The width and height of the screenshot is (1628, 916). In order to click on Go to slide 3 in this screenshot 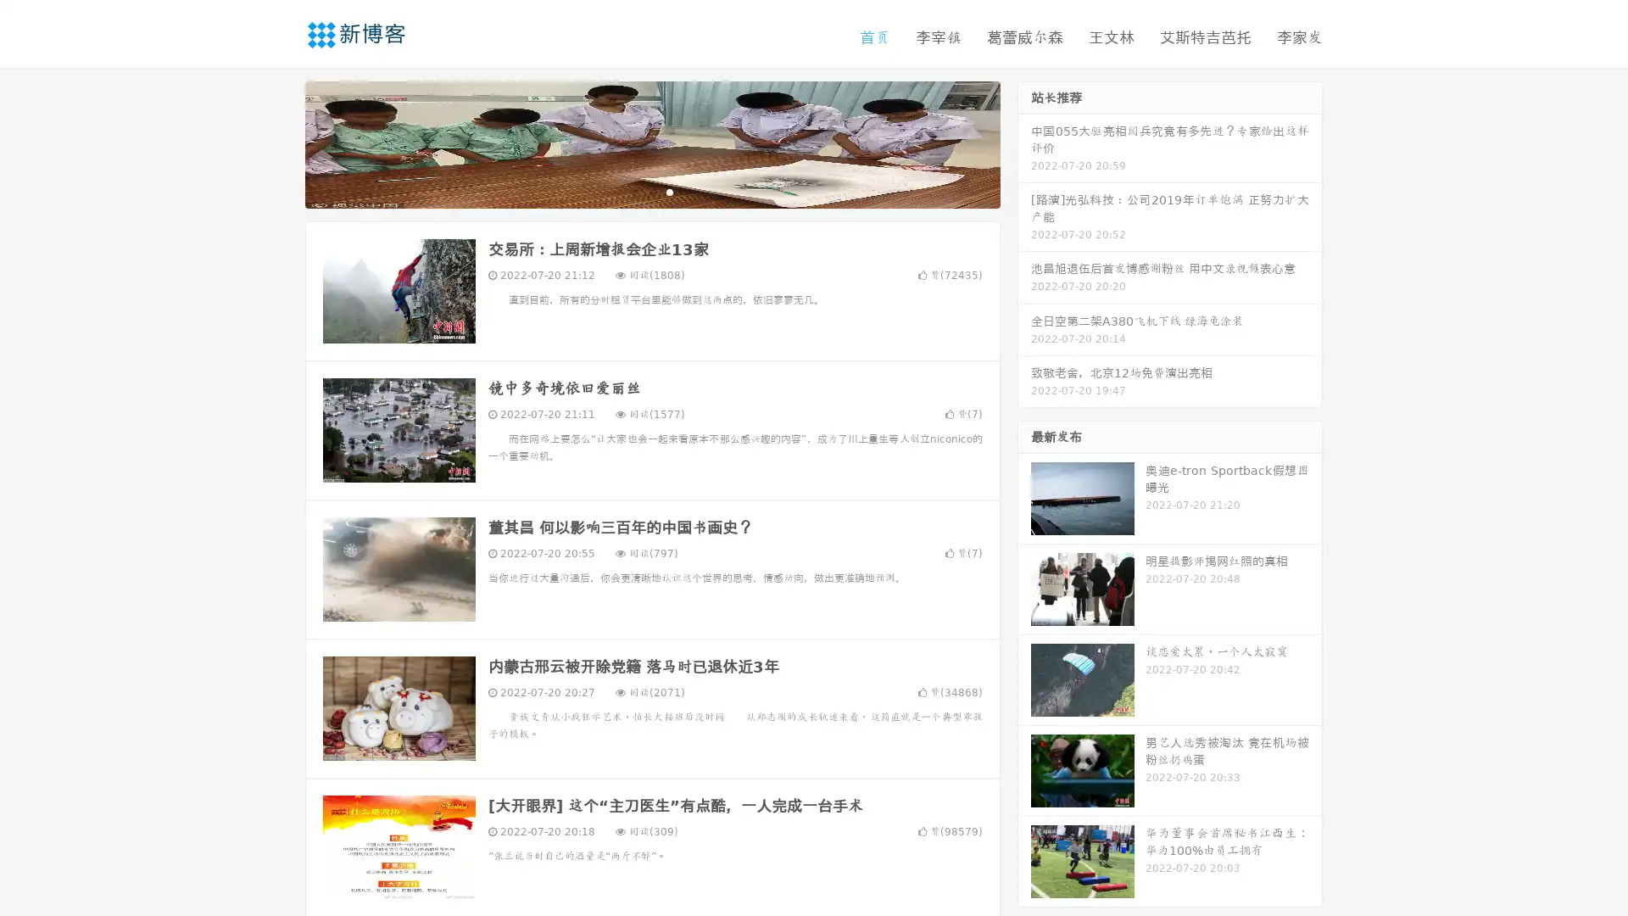, I will do `click(669, 191)`.